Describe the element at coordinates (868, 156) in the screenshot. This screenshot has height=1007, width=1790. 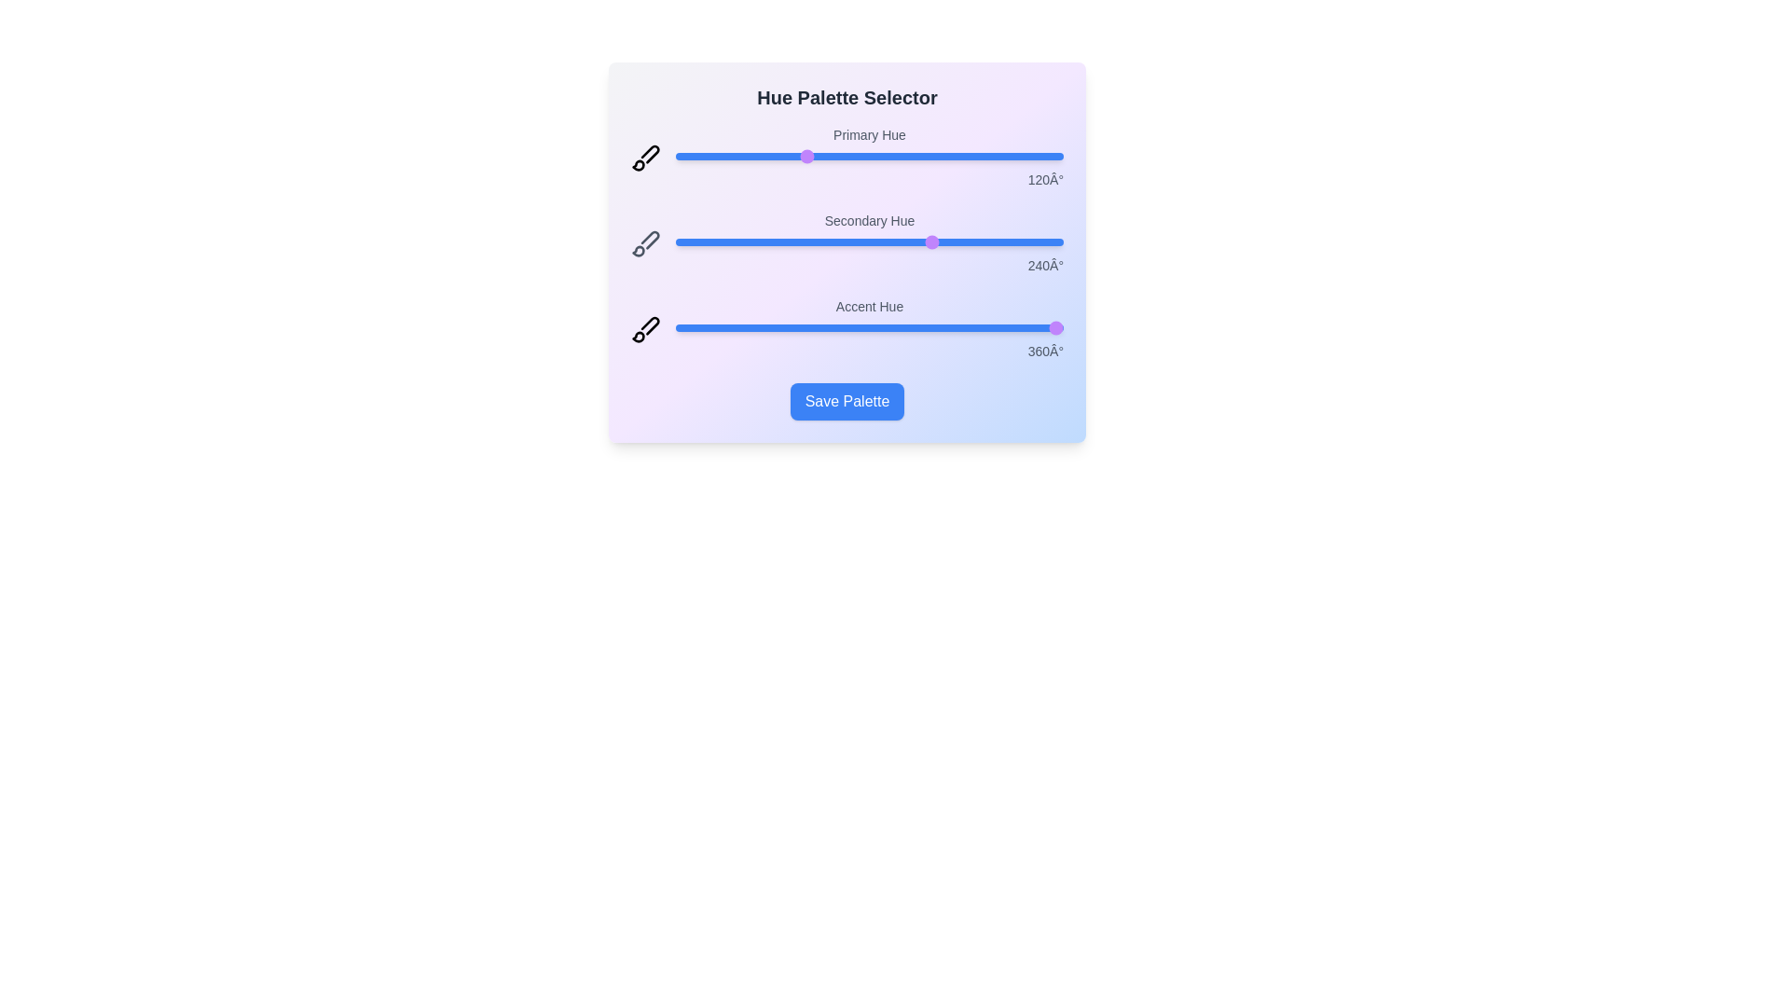
I see `the primary slider to observe its behavior` at that location.